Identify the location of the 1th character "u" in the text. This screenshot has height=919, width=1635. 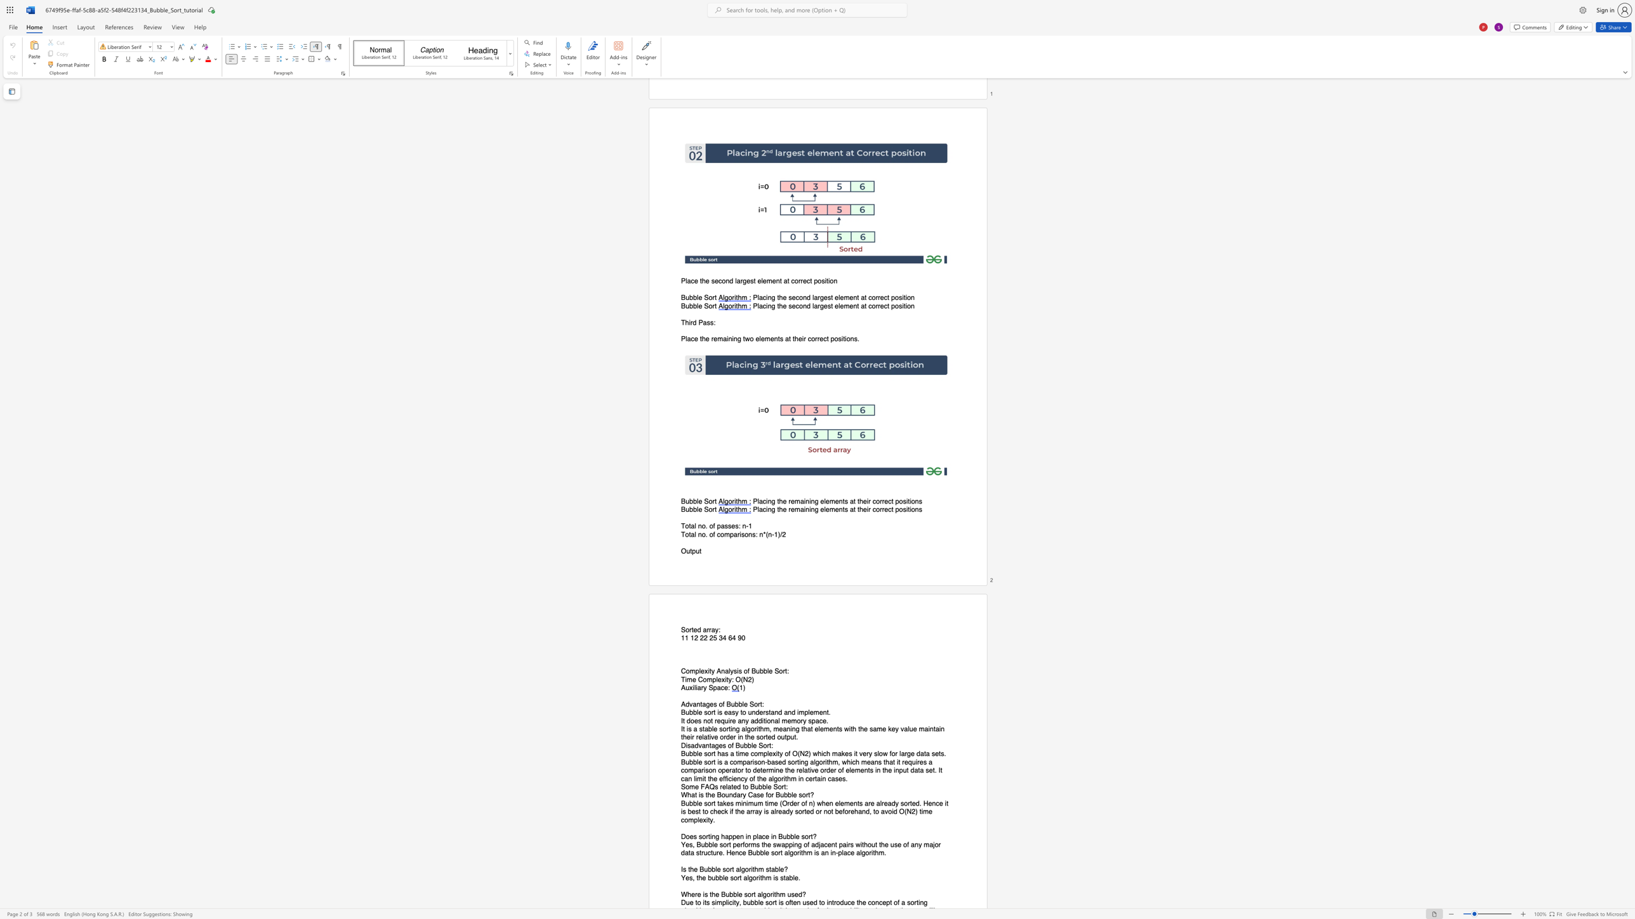
(687, 688).